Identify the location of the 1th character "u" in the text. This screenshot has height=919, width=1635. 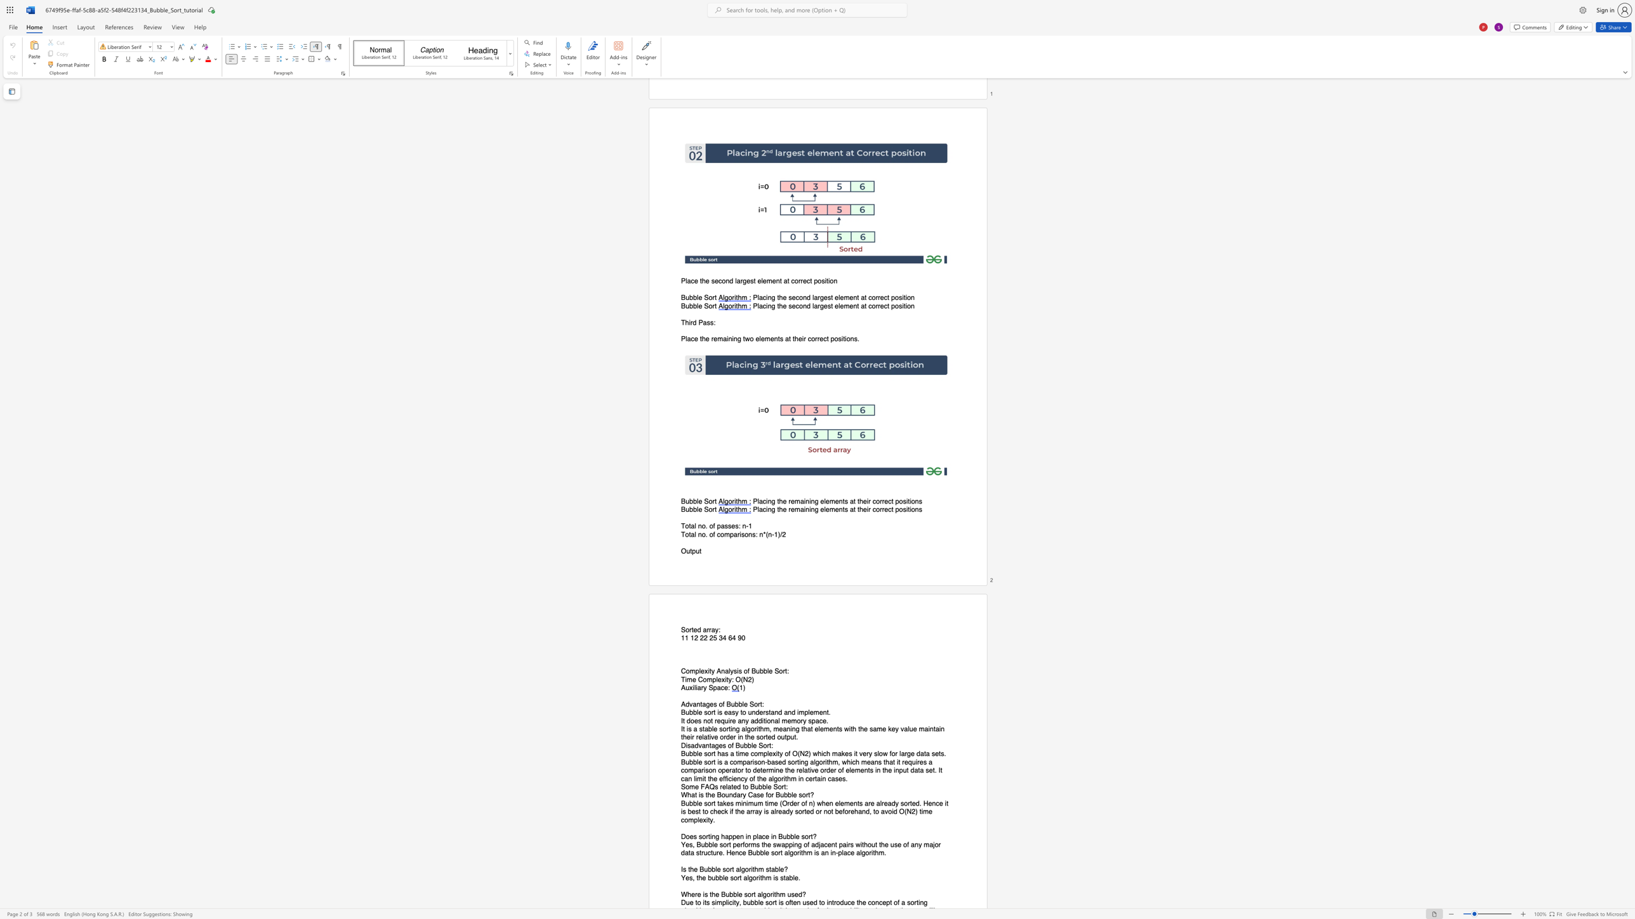
(687, 688).